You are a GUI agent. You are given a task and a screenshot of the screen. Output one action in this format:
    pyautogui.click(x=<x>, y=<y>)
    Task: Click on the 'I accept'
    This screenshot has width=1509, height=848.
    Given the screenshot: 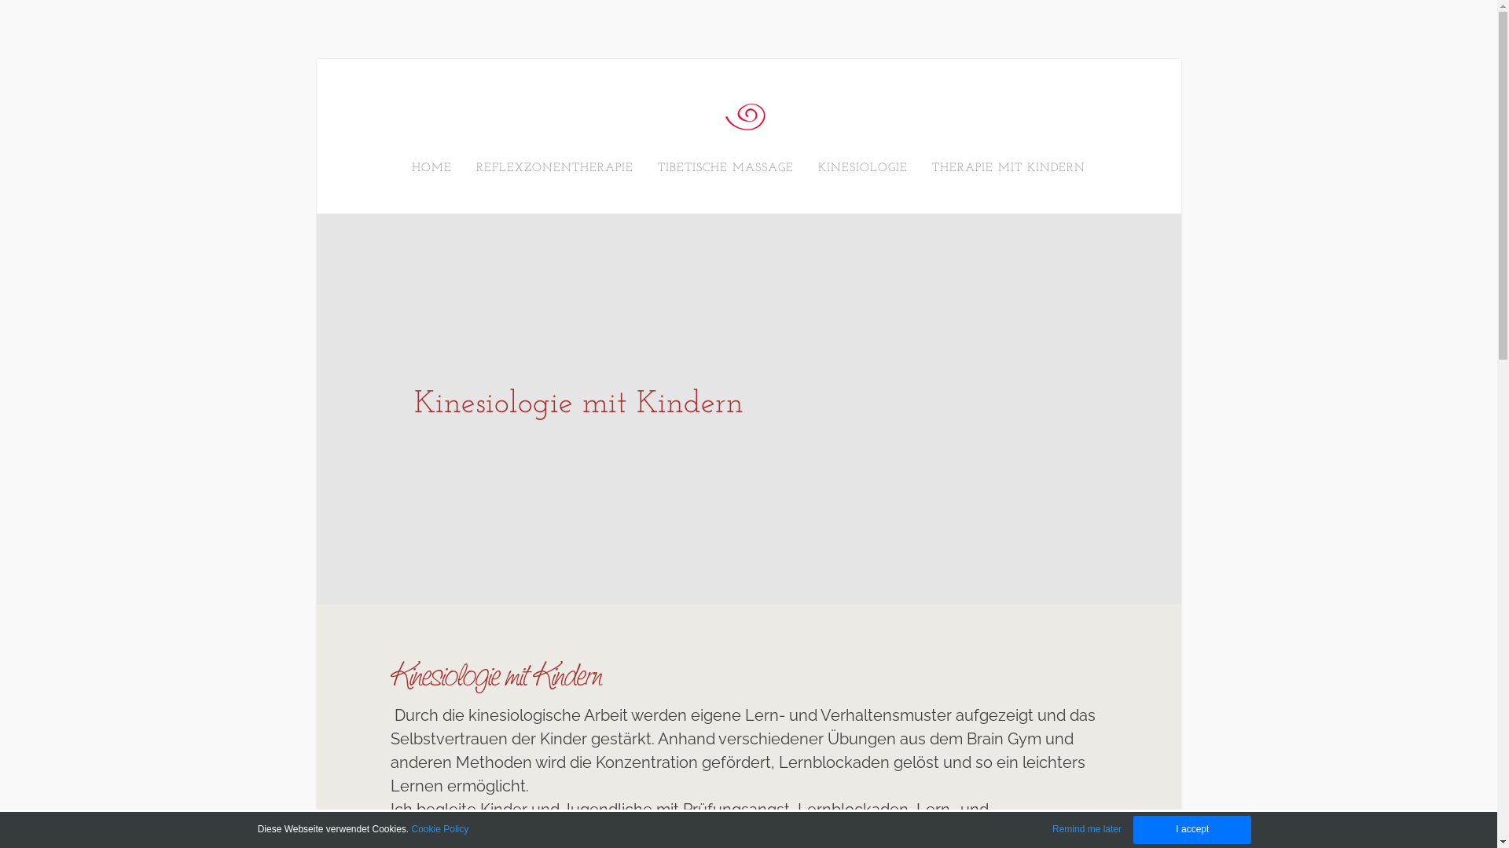 What is the action you would take?
    pyautogui.click(x=1191, y=828)
    